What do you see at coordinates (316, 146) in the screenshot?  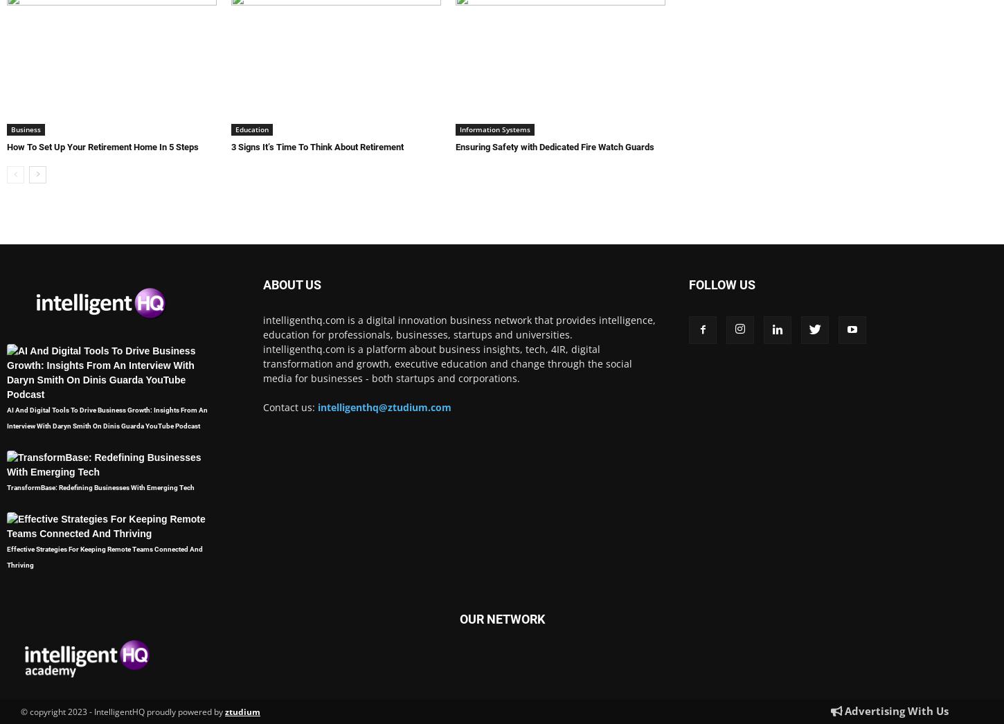 I see `'3 Signs It’s Time To Think About Retirement'` at bounding box center [316, 146].